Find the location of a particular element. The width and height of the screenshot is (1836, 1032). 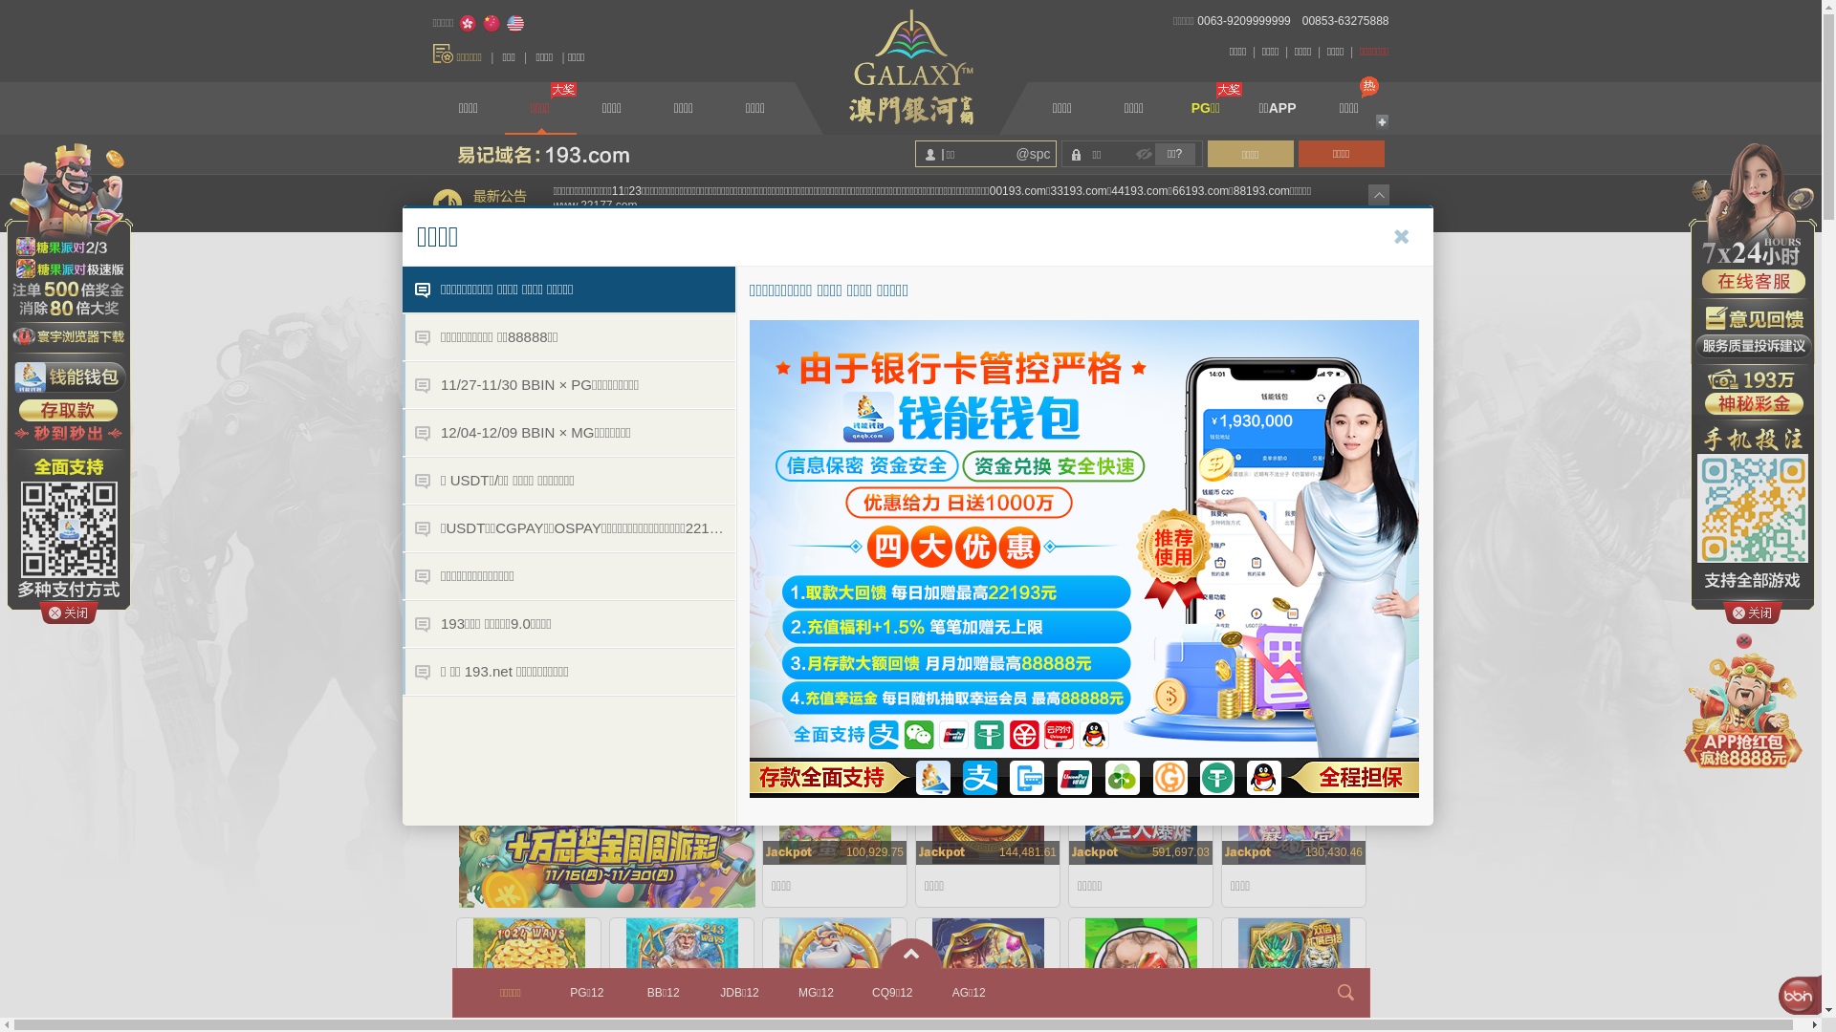

'English' is located at coordinates (514, 23).